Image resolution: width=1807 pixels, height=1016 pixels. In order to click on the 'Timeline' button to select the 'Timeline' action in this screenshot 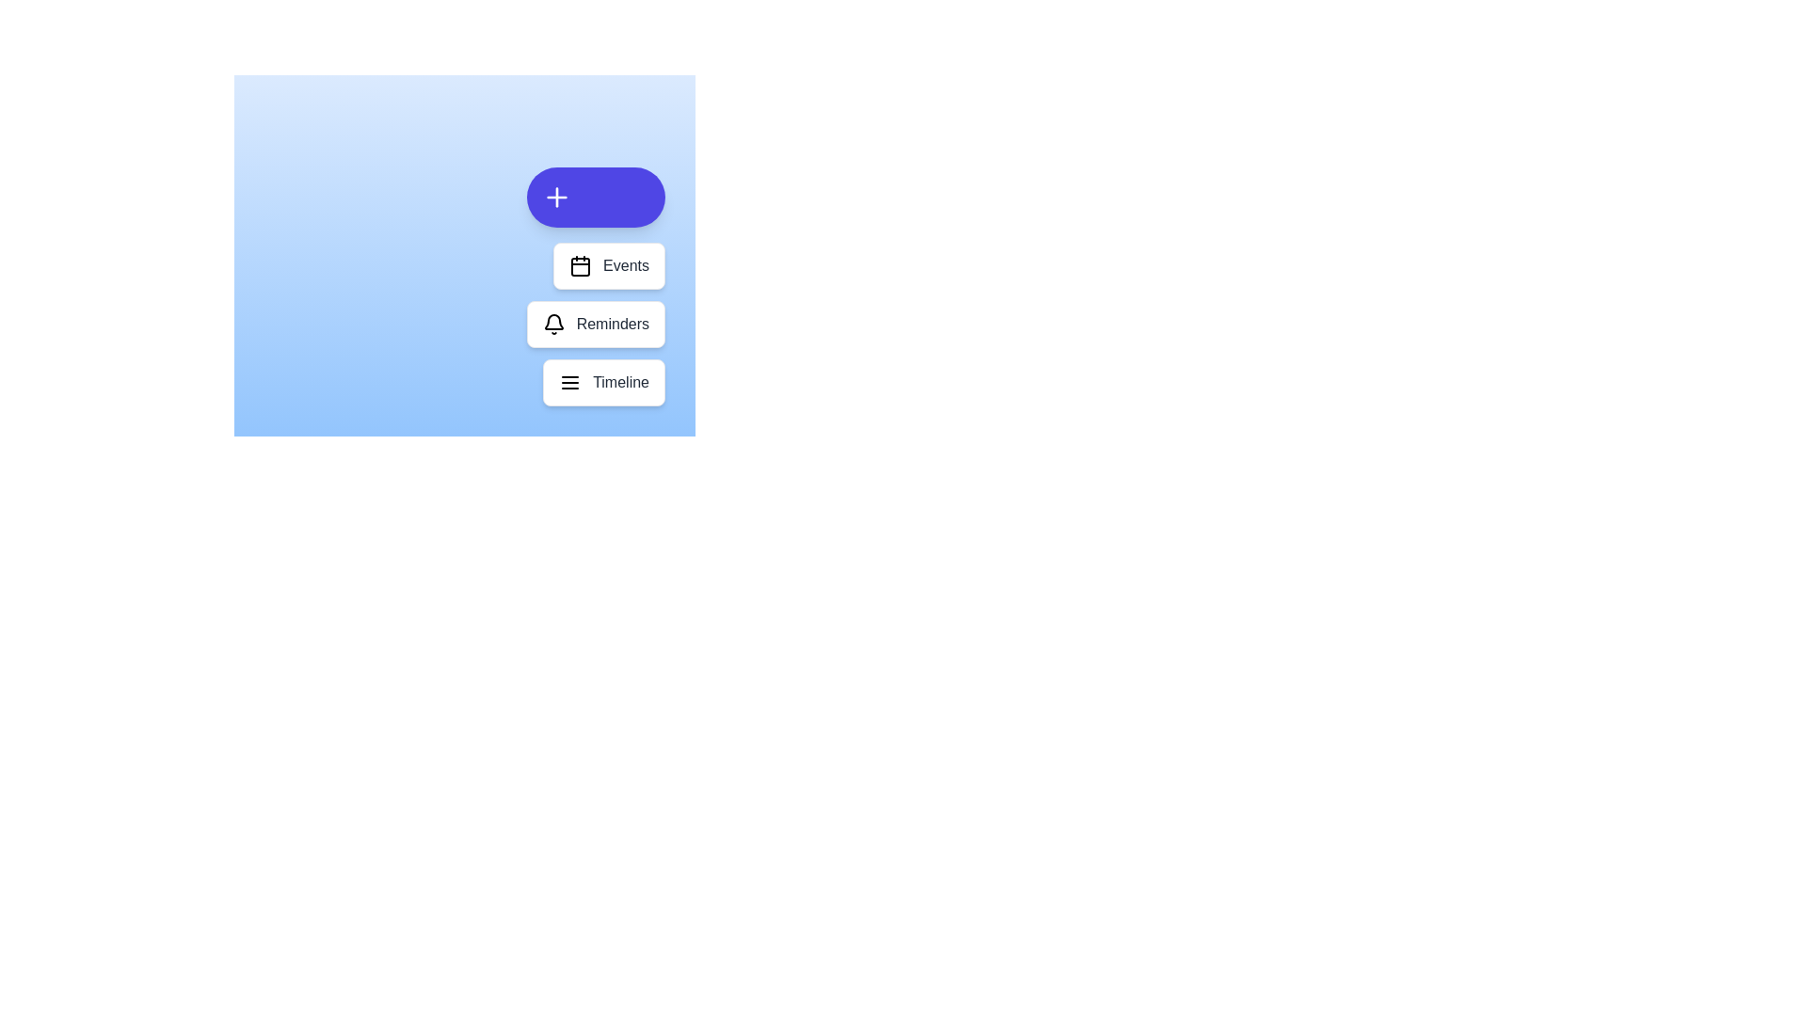, I will do `click(604, 382)`.